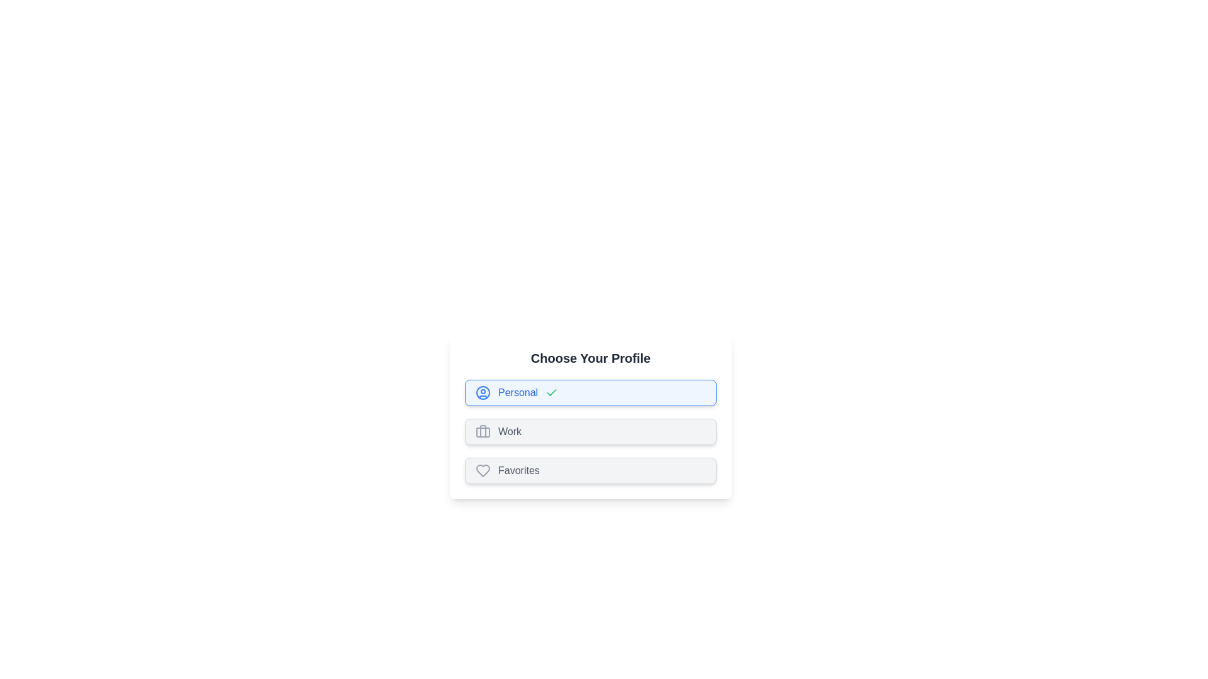  What do you see at coordinates (483, 470) in the screenshot?
I see `the icon of the Favorites profile chip` at bounding box center [483, 470].